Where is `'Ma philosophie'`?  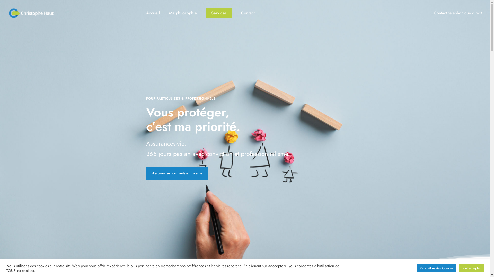 'Ma philosophie' is located at coordinates (169, 13).